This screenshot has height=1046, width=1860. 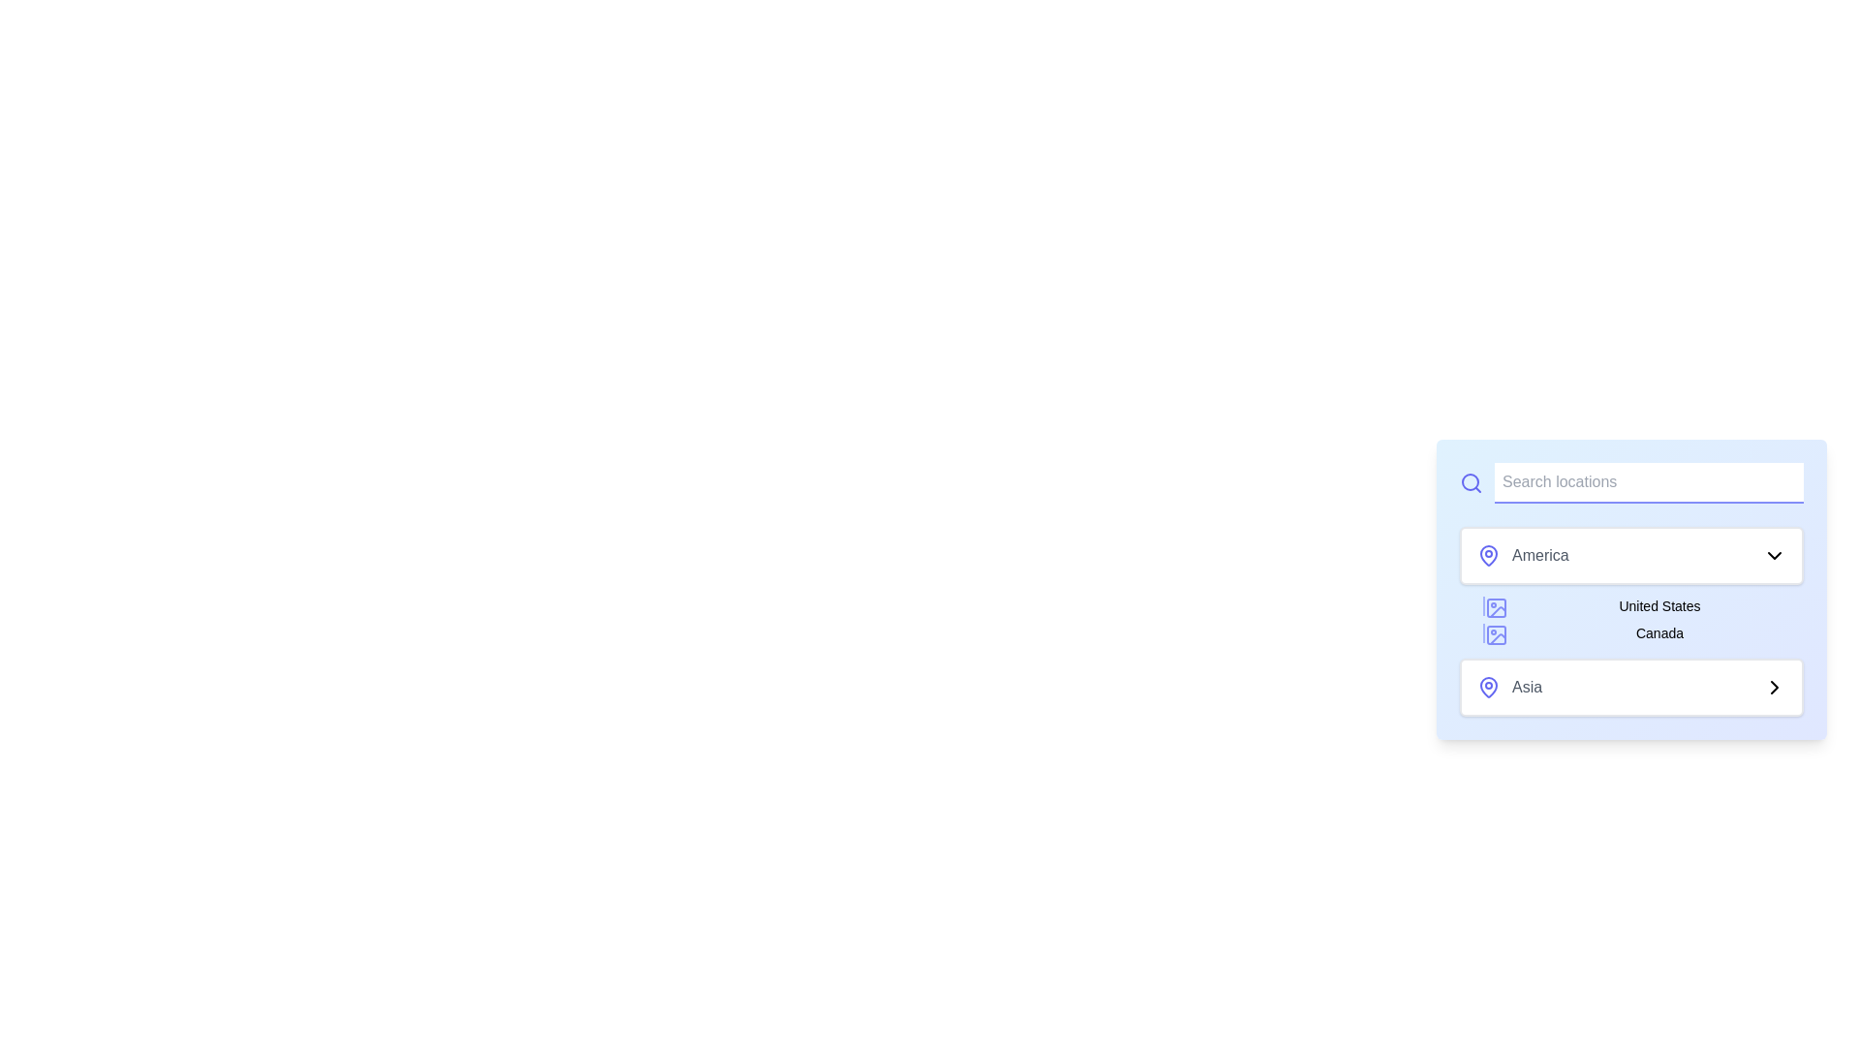 I want to click on the 'United States' menu option located directly under the 'America' dropdown, so click(x=1642, y=604).